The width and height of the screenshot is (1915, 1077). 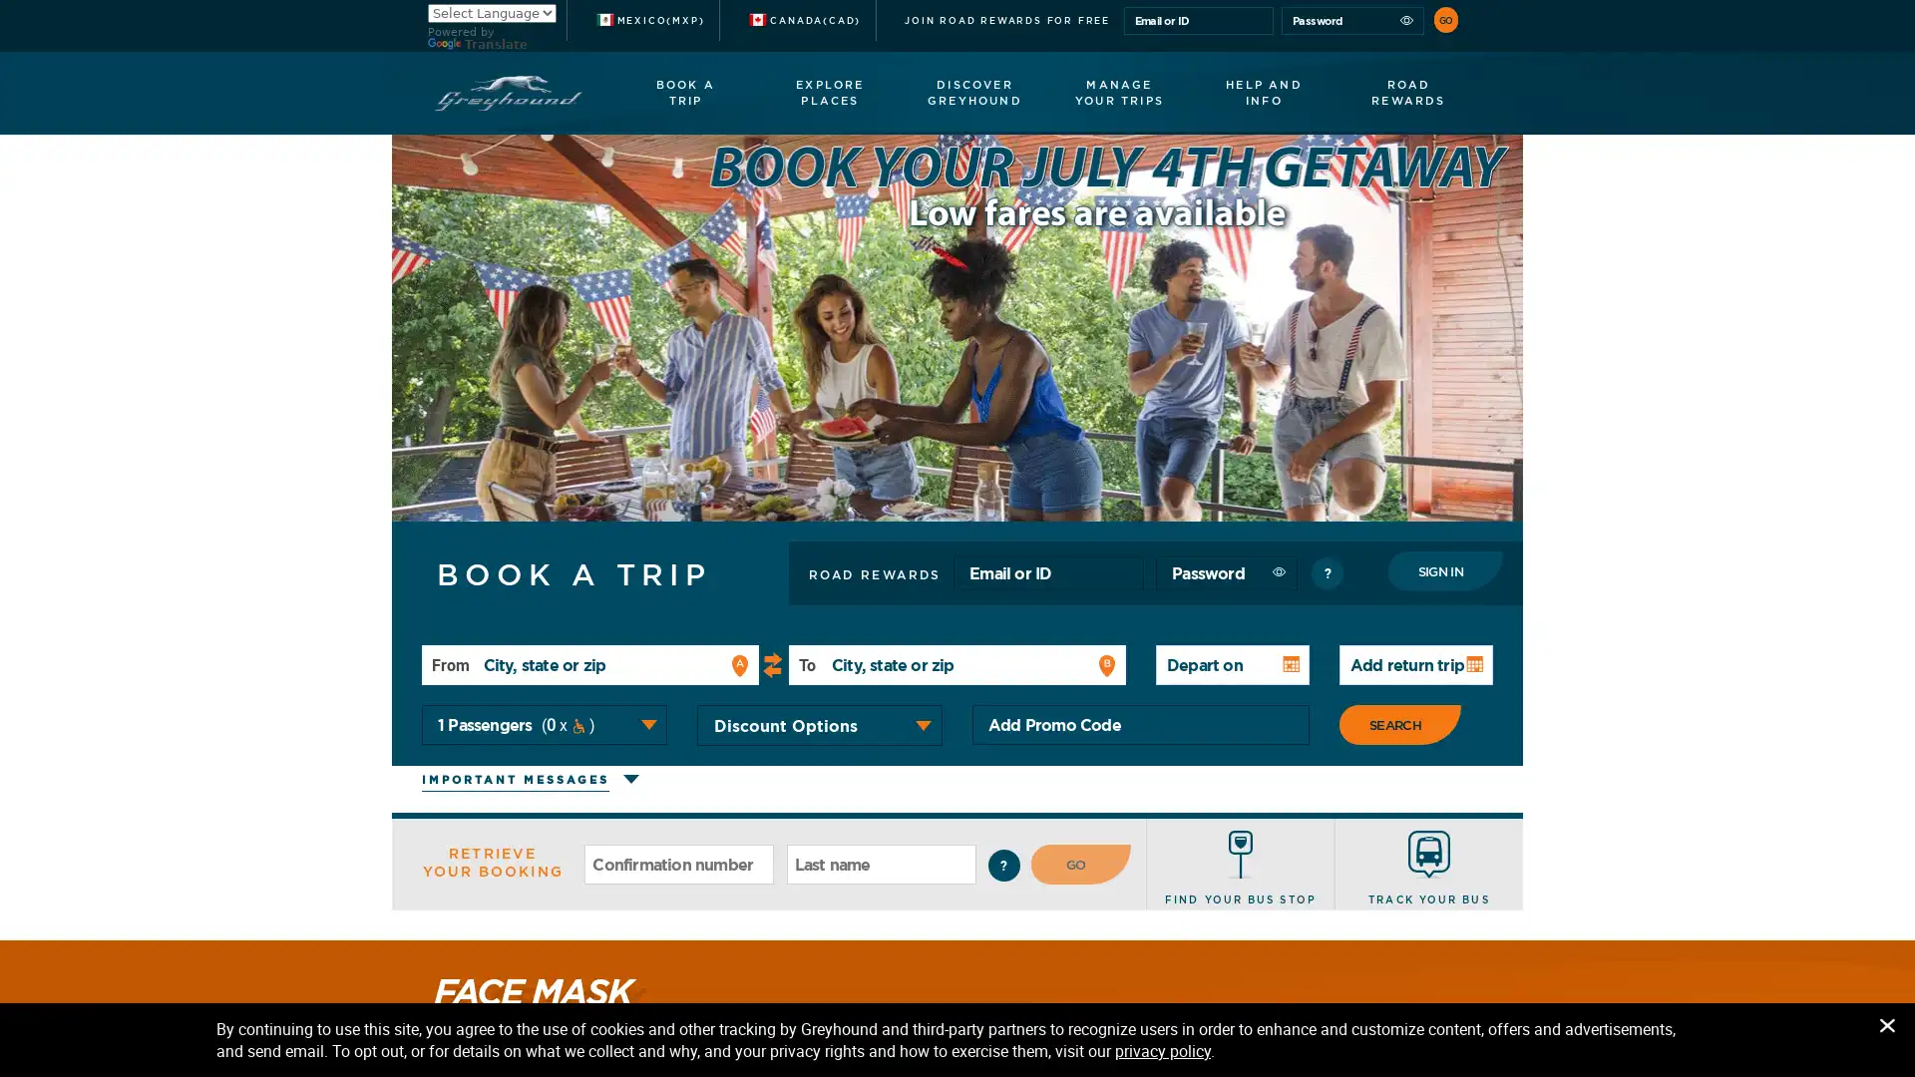 What do you see at coordinates (1445, 571) in the screenshot?
I see `Sign In` at bounding box center [1445, 571].